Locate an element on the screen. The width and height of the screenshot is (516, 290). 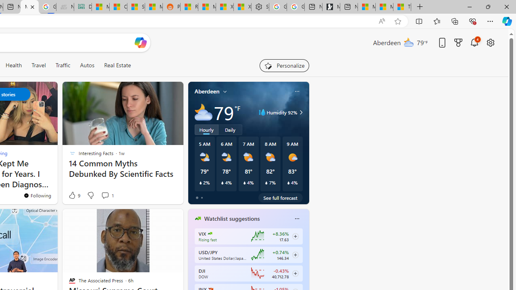
'These 3 Stocks Pay You More Than 5% to Own Them' is located at coordinates (402, 7).